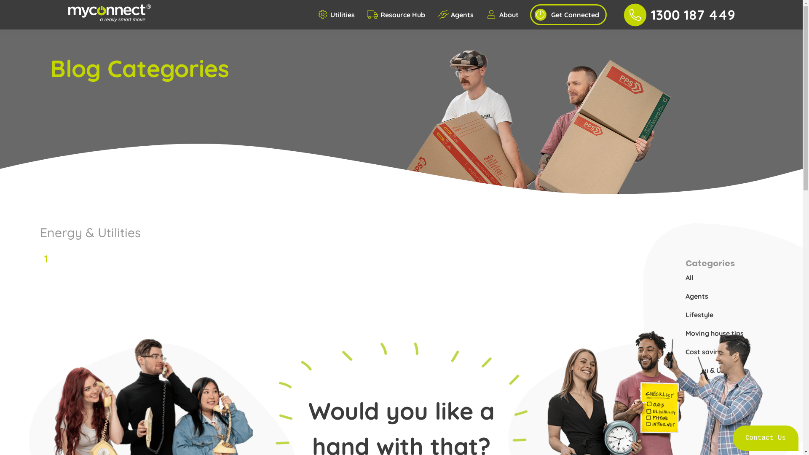  Describe the element at coordinates (46, 258) in the screenshot. I see `'1'` at that location.